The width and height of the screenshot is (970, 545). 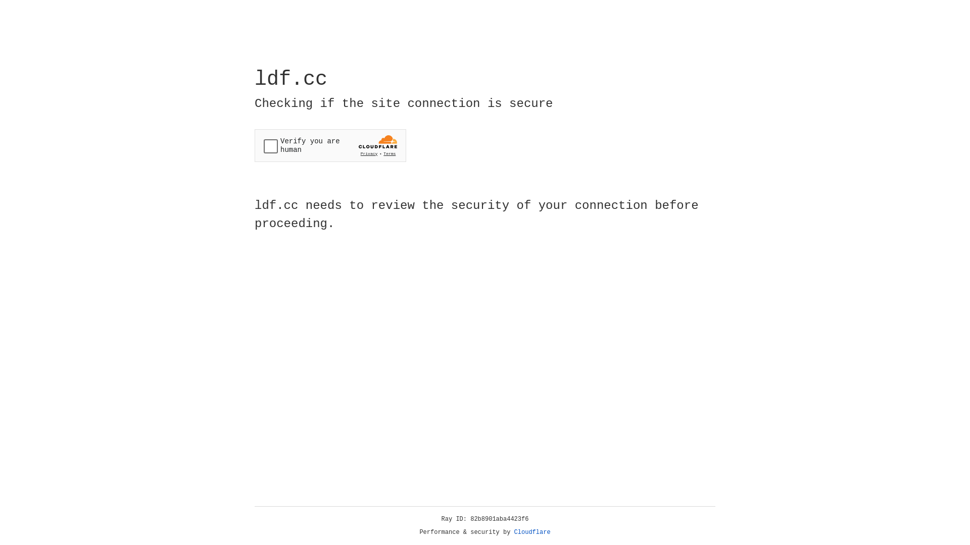 What do you see at coordinates (532, 532) in the screenshot?
I see `'Cloudflare'` at bounding box center [532, 532].